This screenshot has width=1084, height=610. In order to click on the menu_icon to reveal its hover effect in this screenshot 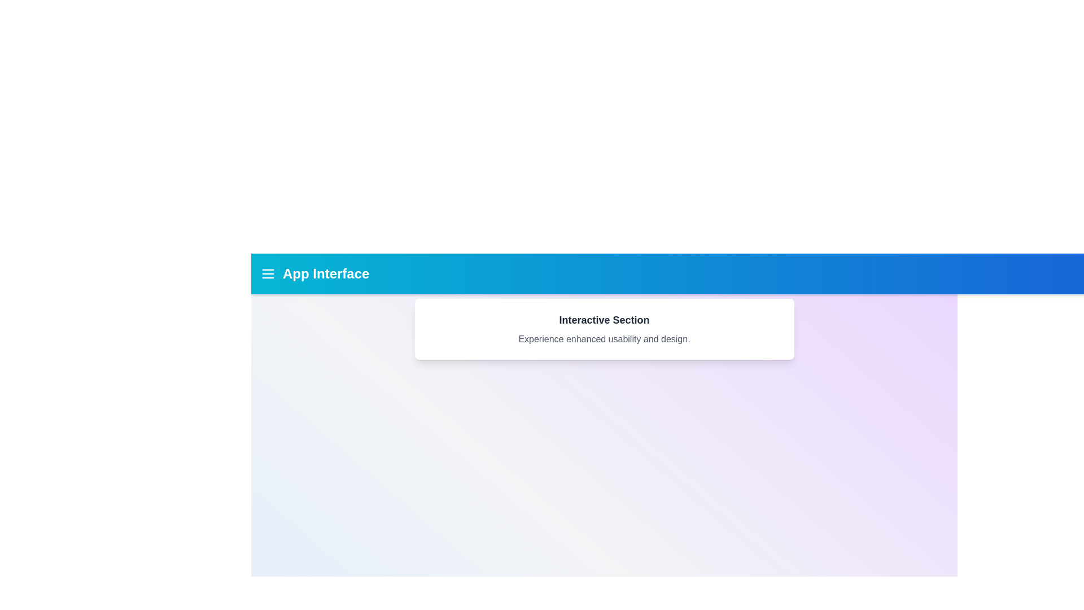, I will do `click(268, 274)`.